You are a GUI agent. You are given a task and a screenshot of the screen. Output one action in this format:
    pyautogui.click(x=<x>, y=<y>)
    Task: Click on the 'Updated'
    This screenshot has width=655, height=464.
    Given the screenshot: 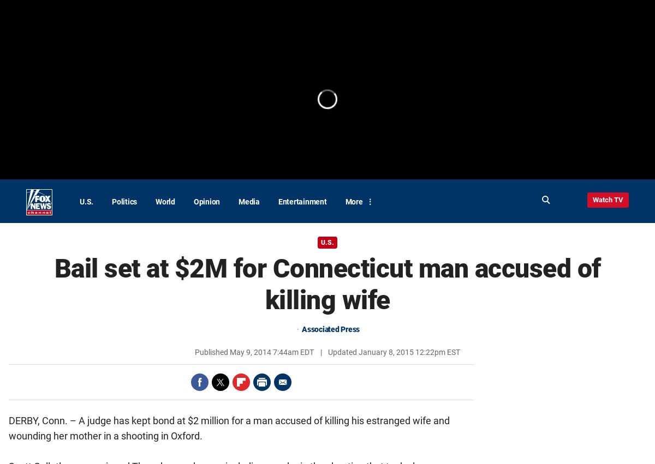 What is the action you would take?
    pyautogui.click(x=325, y=351)
    